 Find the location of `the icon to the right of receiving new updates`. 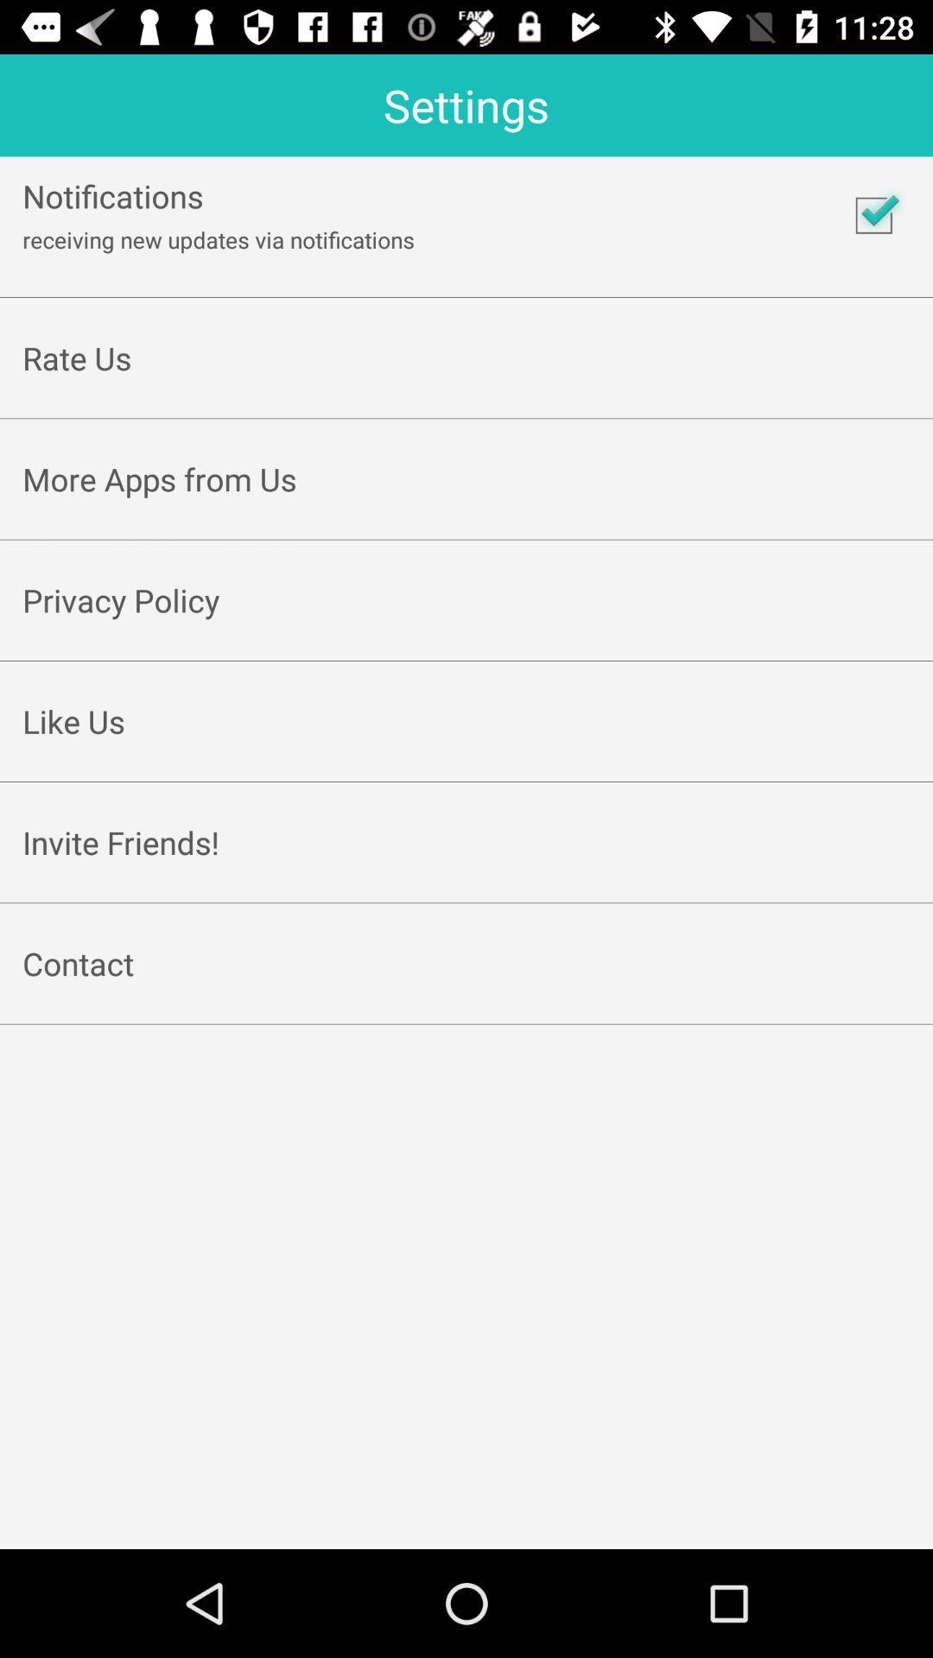

the icon to the right of receiving new updates is located at coordinates (873, 214).